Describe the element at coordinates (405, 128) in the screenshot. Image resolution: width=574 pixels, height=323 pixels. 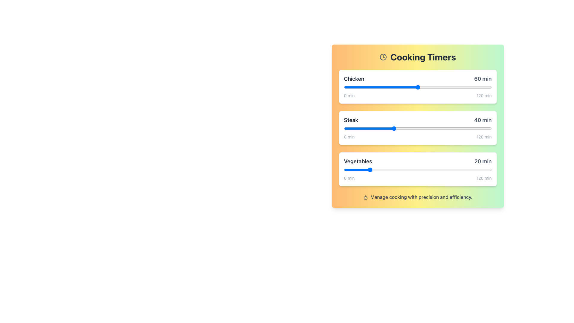
I see `the timer value for the slider` at that location.